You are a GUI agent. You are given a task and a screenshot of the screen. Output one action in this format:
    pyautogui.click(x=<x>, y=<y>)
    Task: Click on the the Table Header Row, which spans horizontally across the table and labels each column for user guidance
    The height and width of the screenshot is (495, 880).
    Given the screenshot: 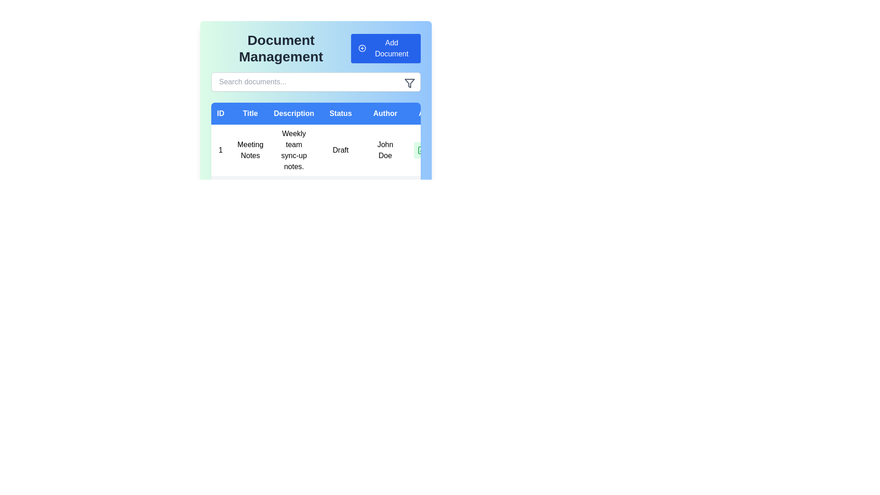 What is the action you would take?
    pyautogui.click(x=334, y=113)
    